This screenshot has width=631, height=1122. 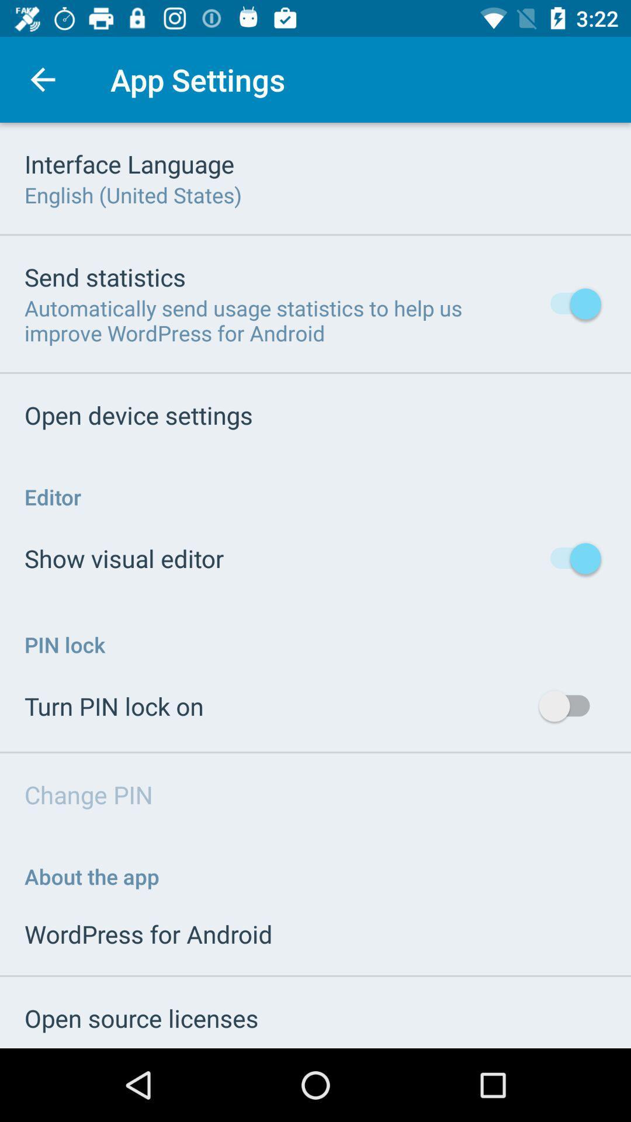 What do you see at coordinates (315, 586) in the screenshot?
I see `visual editor and pin lock` at bounding box center [315, 586].